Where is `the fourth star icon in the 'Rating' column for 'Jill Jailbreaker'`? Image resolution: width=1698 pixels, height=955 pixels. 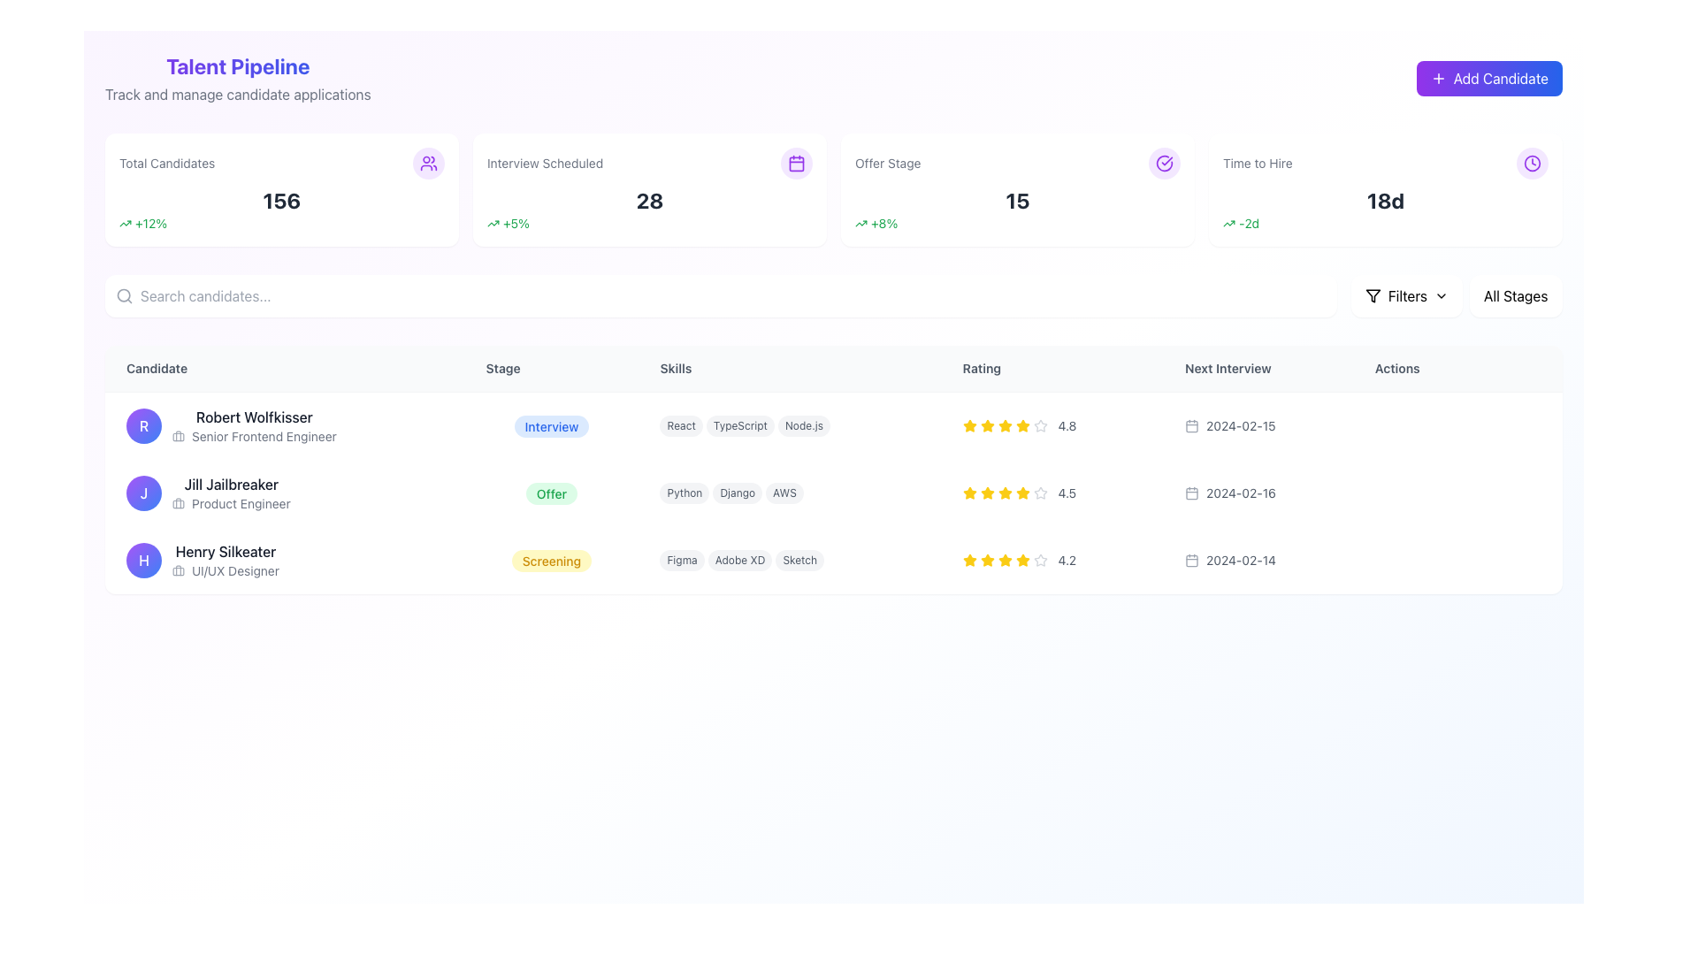 the fourth star icon in the 'Rating' column for 'Jill Jailbreaker' is located at coordinates (1022, 493).